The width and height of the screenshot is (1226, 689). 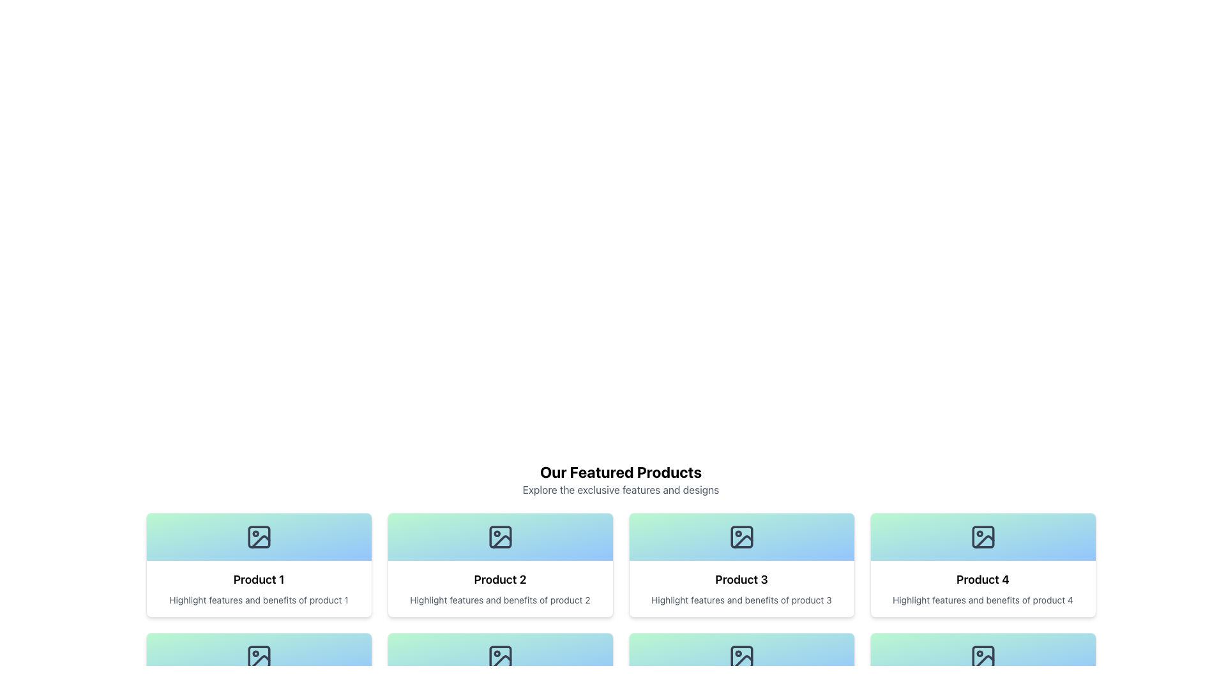 What do you see at coordinates (741, 565) in the screenshot?
I see `the Display card for 'Product 3', which is located in the upper row, third column of the grid layout` at bounding box center [741, 565].